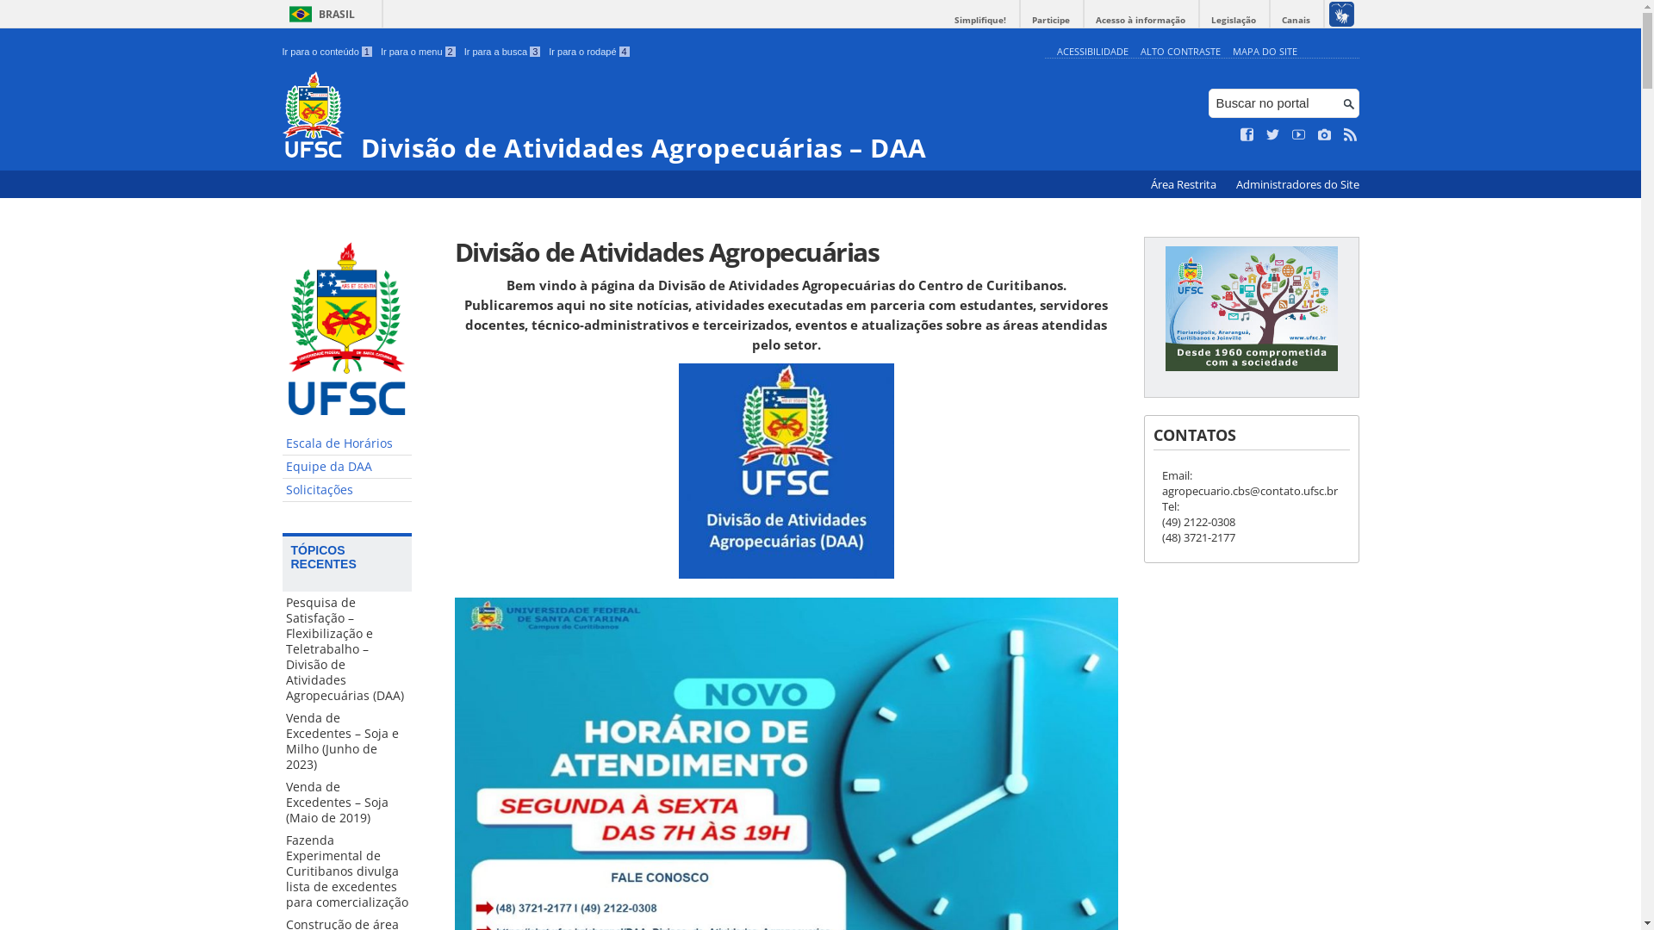 The image size is (1654, 930). What do you see at coordinates (1264, 50) in the screenshot?
I see `'MAPA DO SITE'` at bounding box center [1264, 50].